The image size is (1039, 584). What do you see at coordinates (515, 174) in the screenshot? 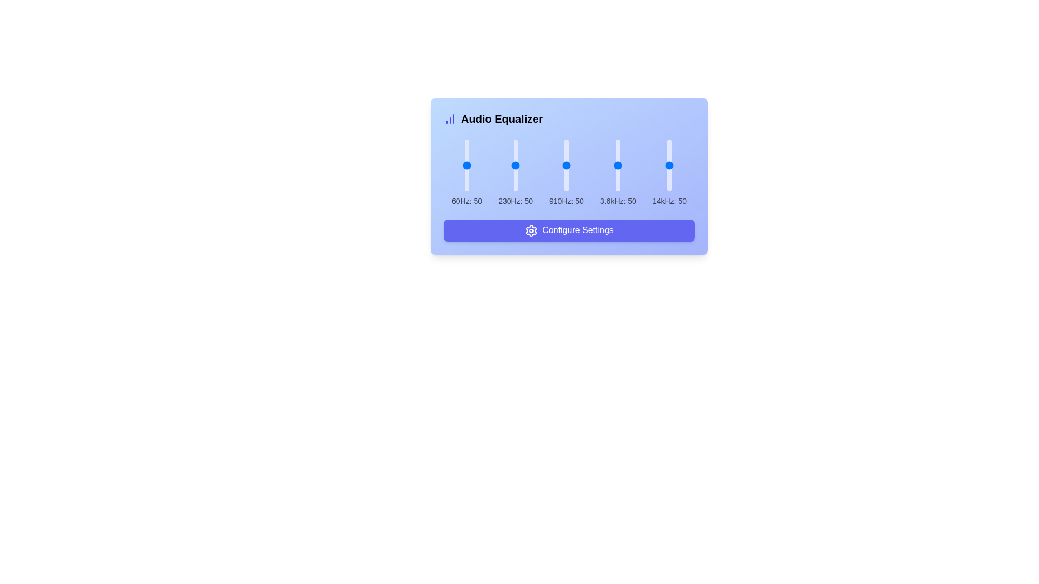
I see `the 230Hz band value` at bounding box center [515, 174].